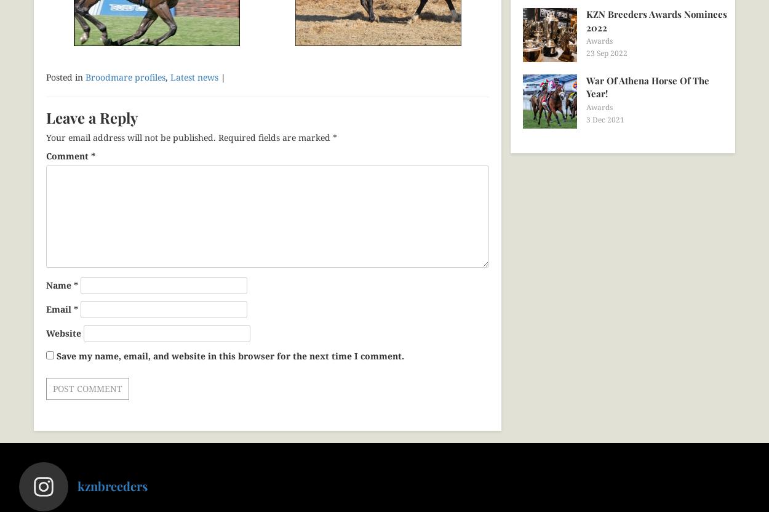 This screenshot has width=769, height=512. What do you see at coordinates (130, 137) in the screenshot?
I see `'Your email address will not be published.'` at bounding box center [130, 137].